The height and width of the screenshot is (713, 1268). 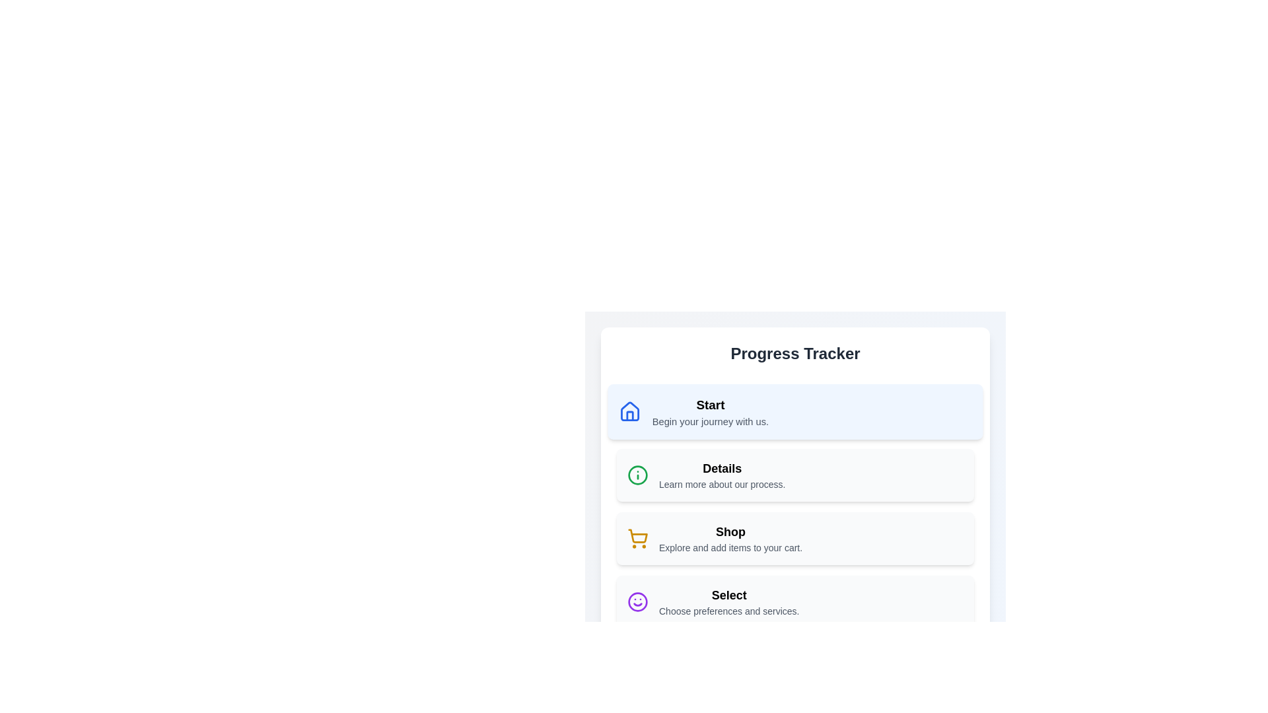 I want to click on the 'Start' text label, which is bold and black, prominently displayed on a light blue background, located near the top-middle of the interface just above 'Details', so click(x=709, y=404).